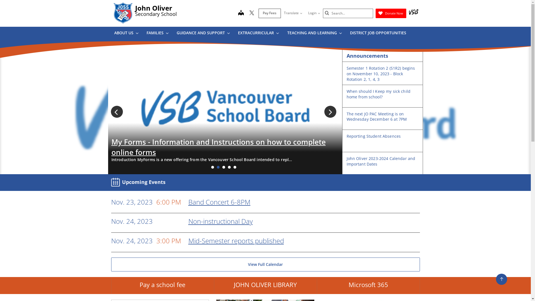 The image size is (535, 301). What do you see at coordinates (390, 13) in the screenshot?
I see `'Donate Now'` at bounding box center [390, 13].